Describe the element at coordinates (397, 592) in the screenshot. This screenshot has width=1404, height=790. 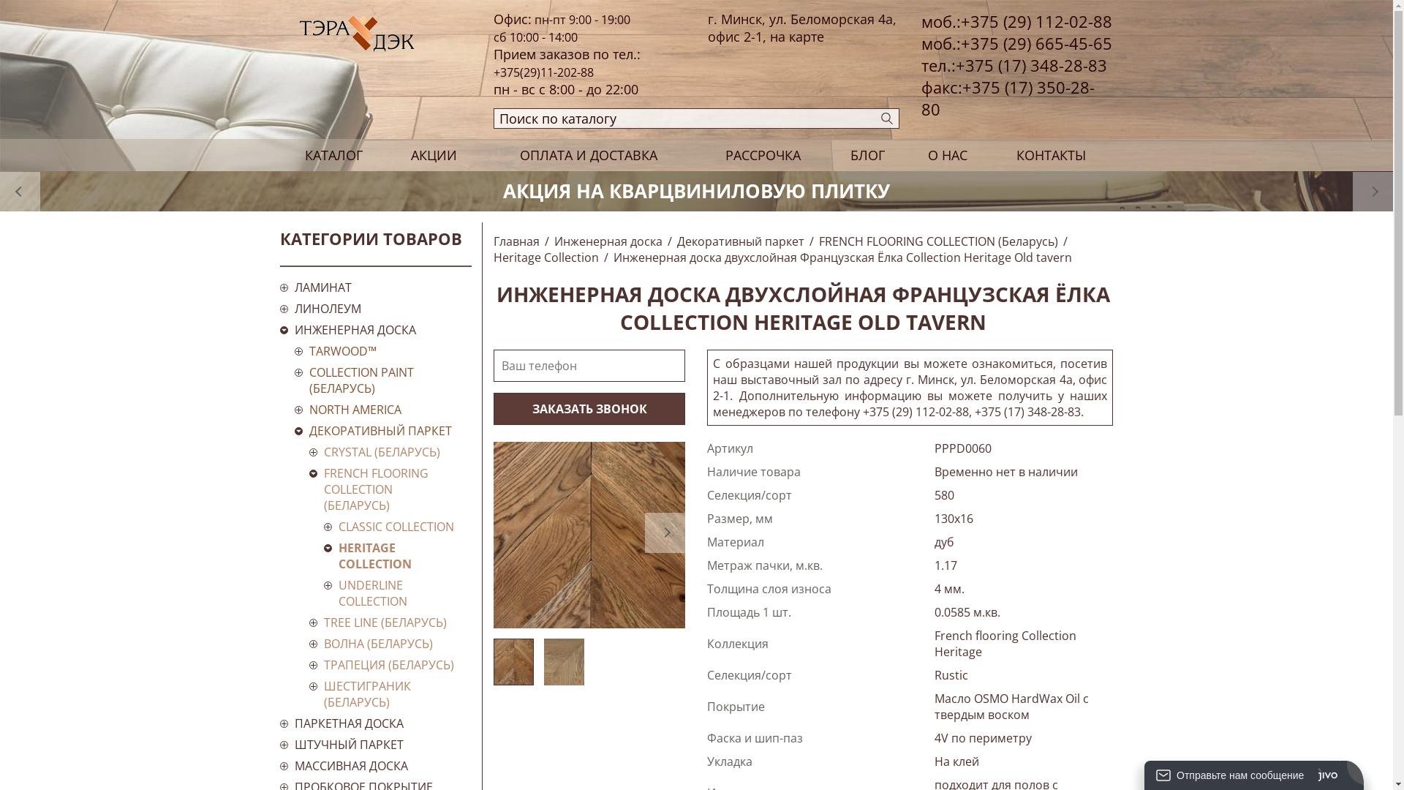
I see `'UNDERLINE COLLECTION'` at that location.